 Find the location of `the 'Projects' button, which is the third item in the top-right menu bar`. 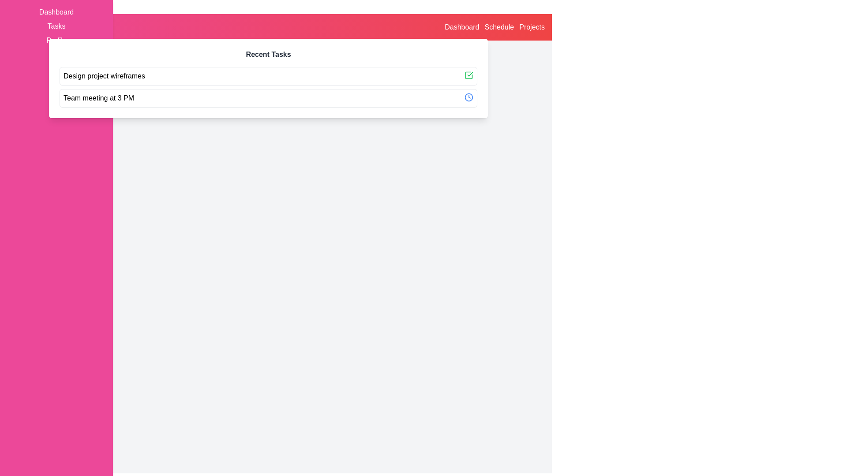

the 'Projects' button, which is the third item in the top-right menu bar is located at coordinates (532, 26).